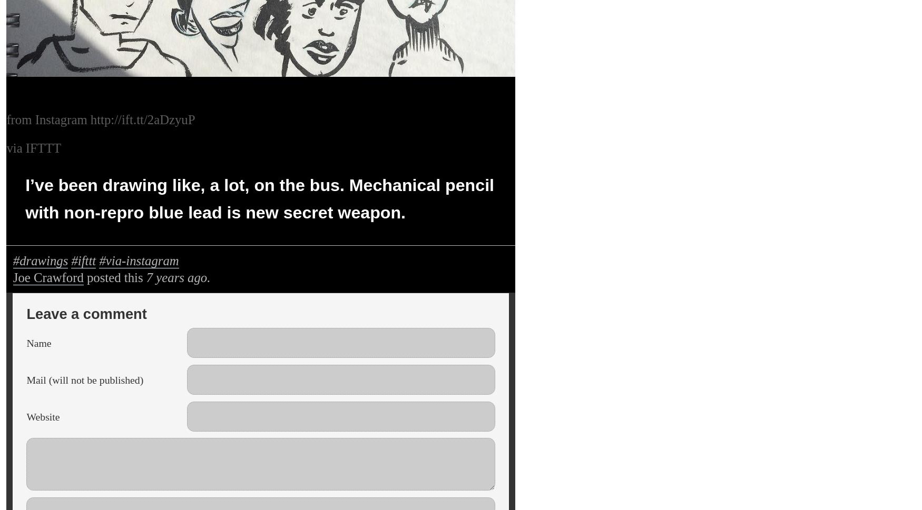  I want to click on 'from Instagram', so click(48, 118).